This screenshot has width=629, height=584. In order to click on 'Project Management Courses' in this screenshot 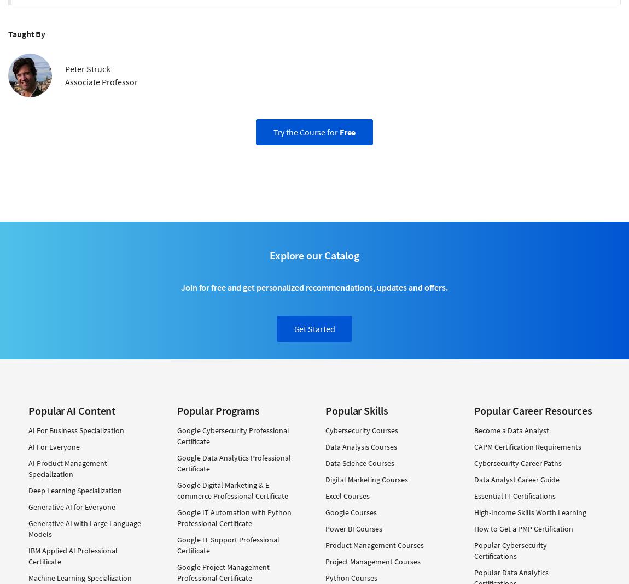, I will do `click(372, 561)`.